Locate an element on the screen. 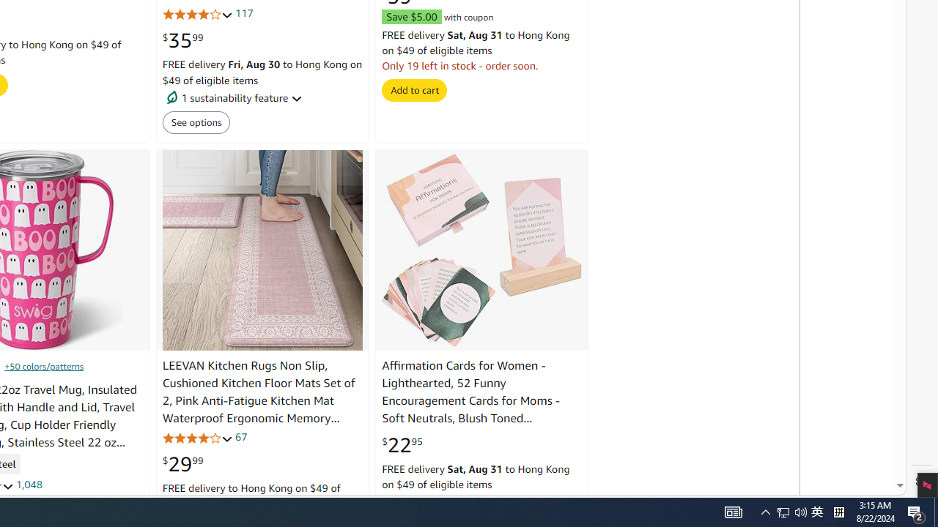 The height and width of the screenshot is (527, 938). '3.9 out of 5 stars' is located at coordinates (196, 437).